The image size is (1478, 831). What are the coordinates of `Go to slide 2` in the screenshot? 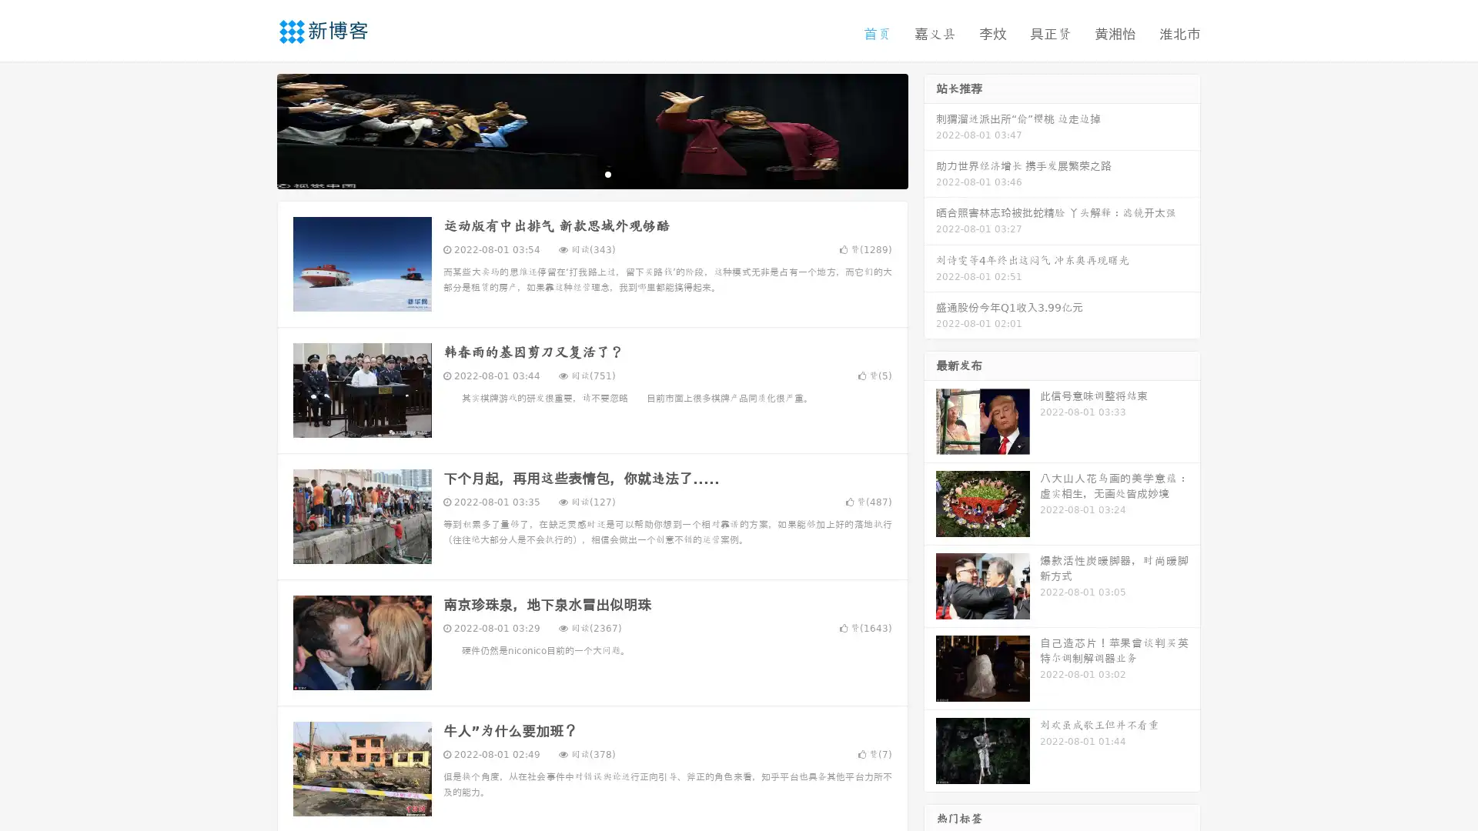 It's located at (591, 173).